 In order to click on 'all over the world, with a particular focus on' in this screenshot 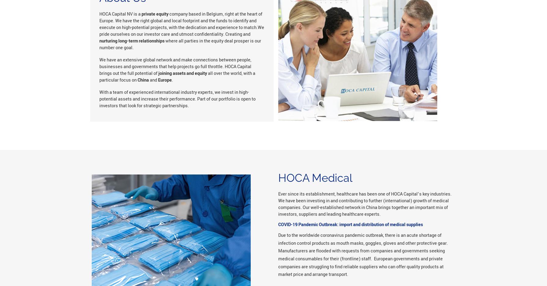, I will do `click(176, 76)`.